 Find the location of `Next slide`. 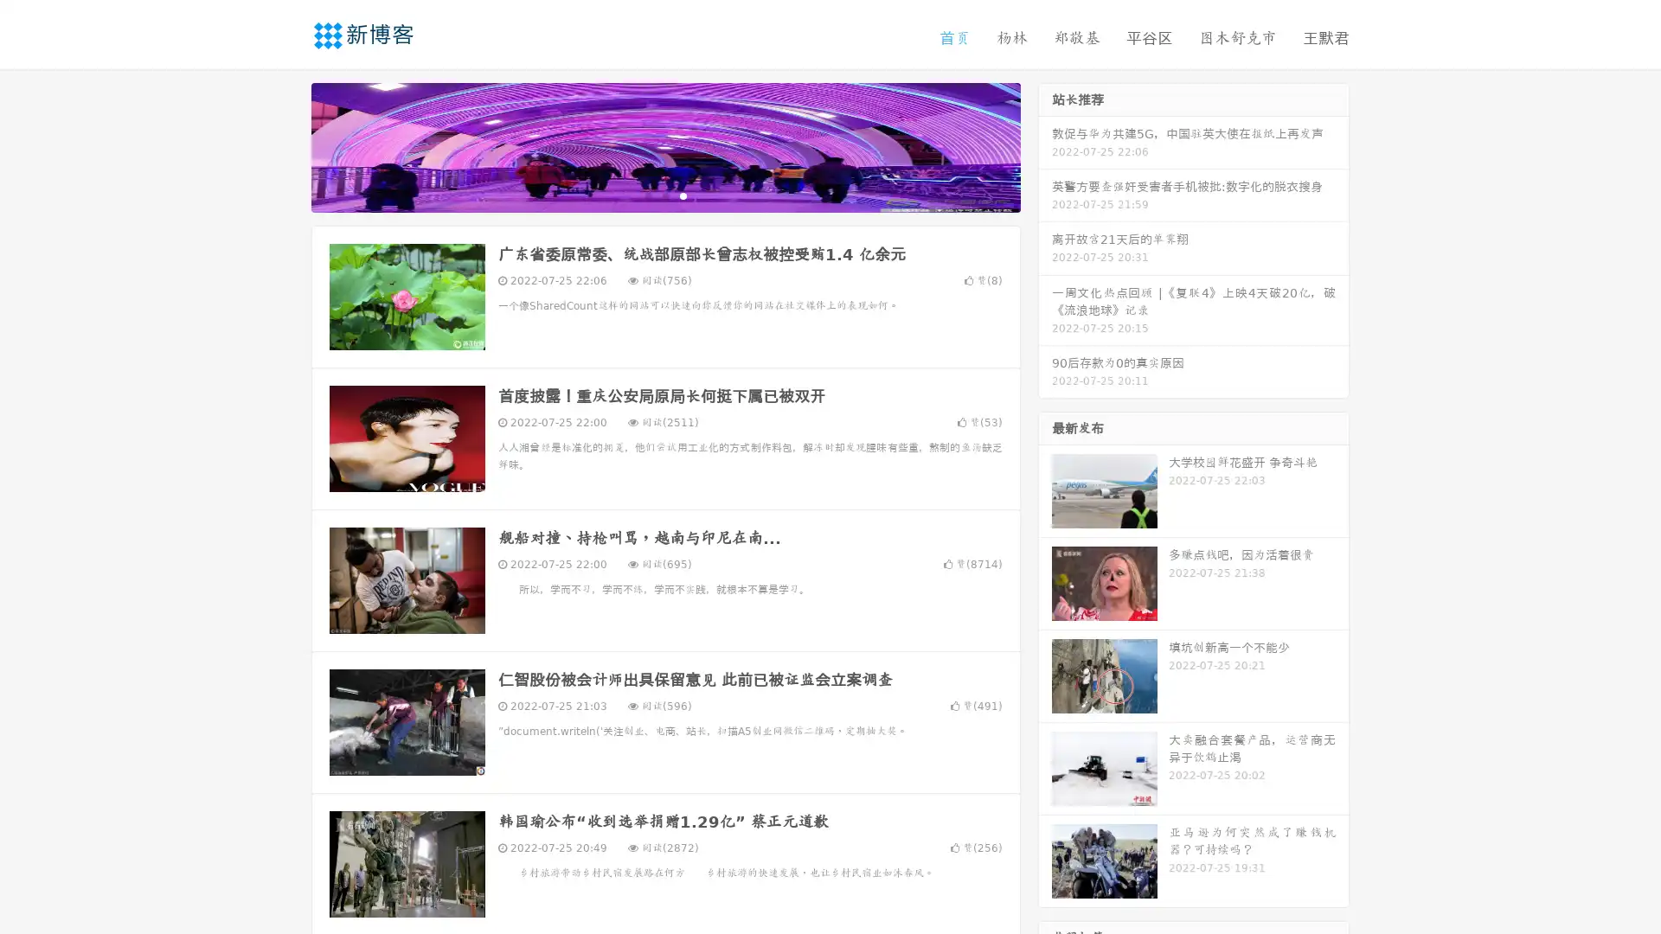

Next slide is located at coordinates (1045, 145).